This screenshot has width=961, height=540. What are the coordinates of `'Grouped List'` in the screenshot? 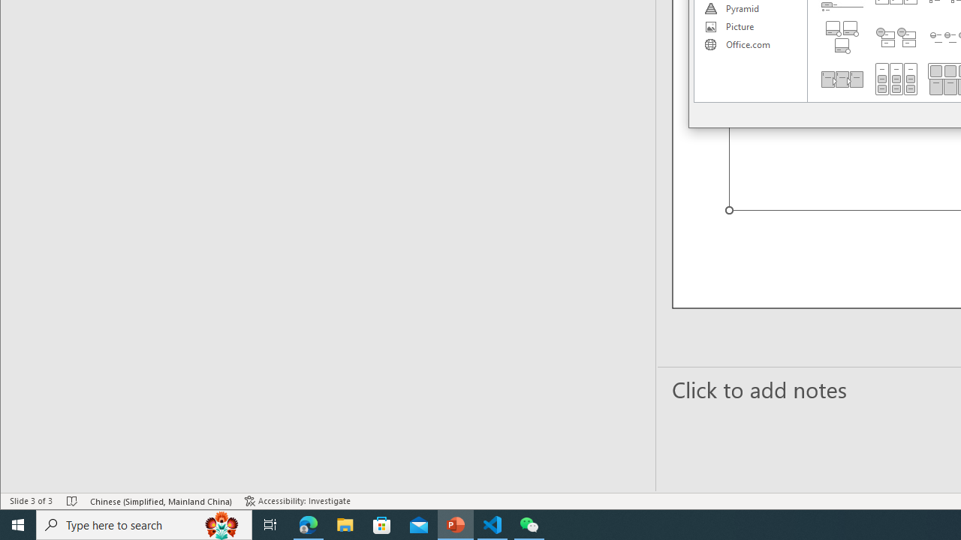 It's located at (896, 79).